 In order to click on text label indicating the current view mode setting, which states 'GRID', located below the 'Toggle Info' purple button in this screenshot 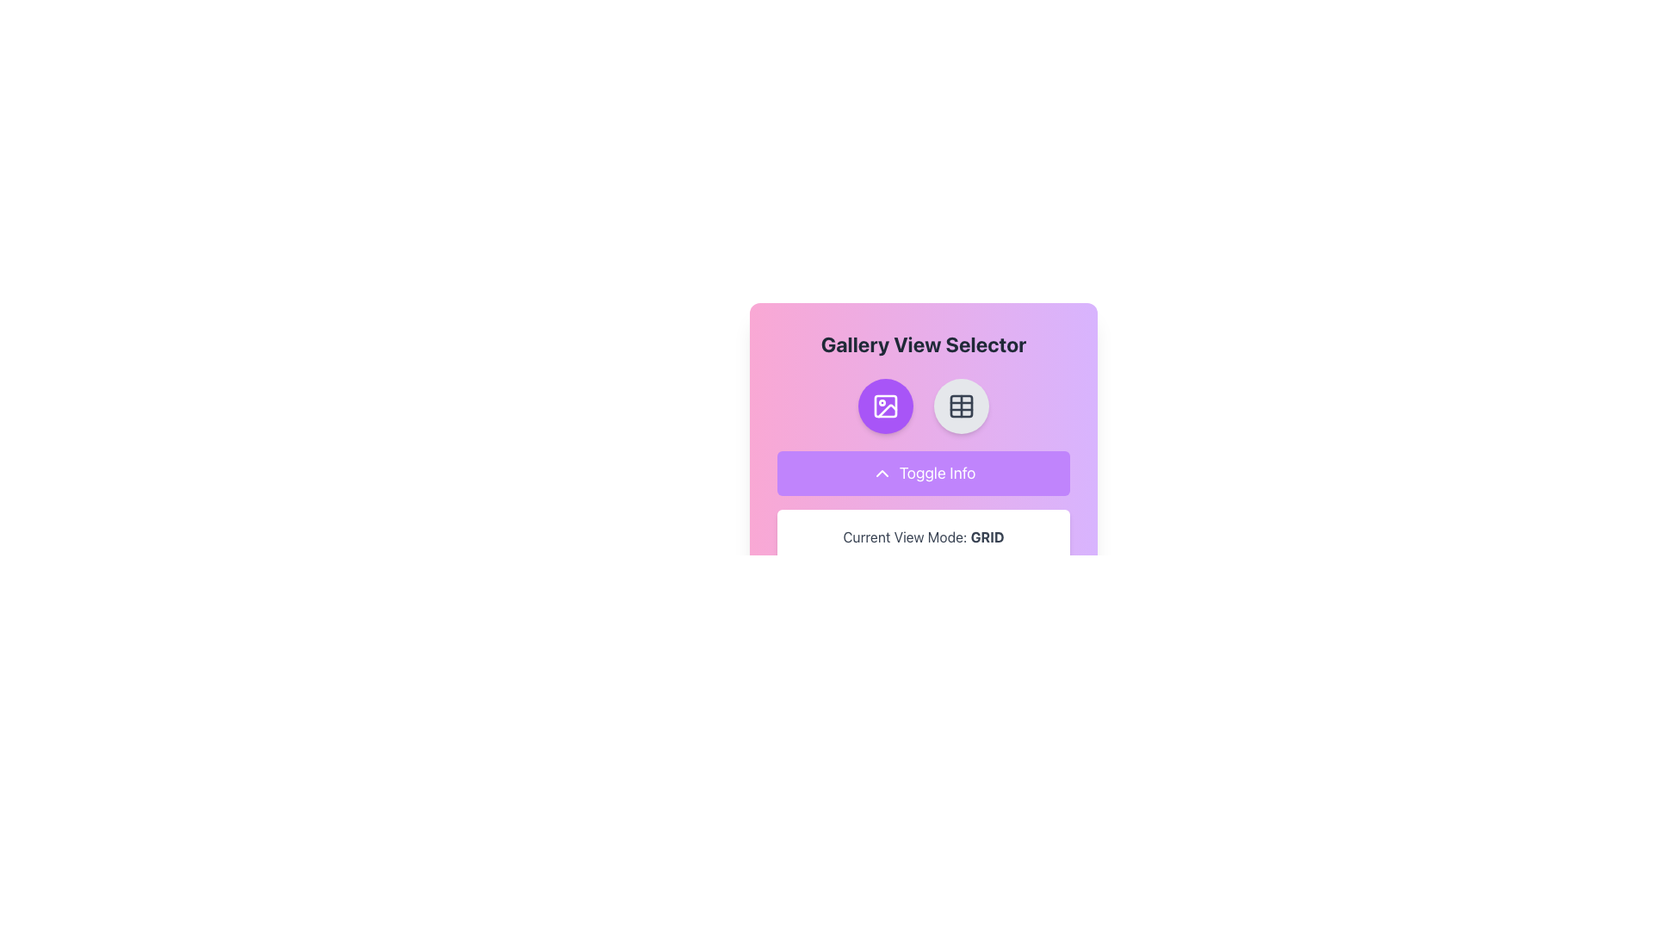, I will do `click(923, 536)`.